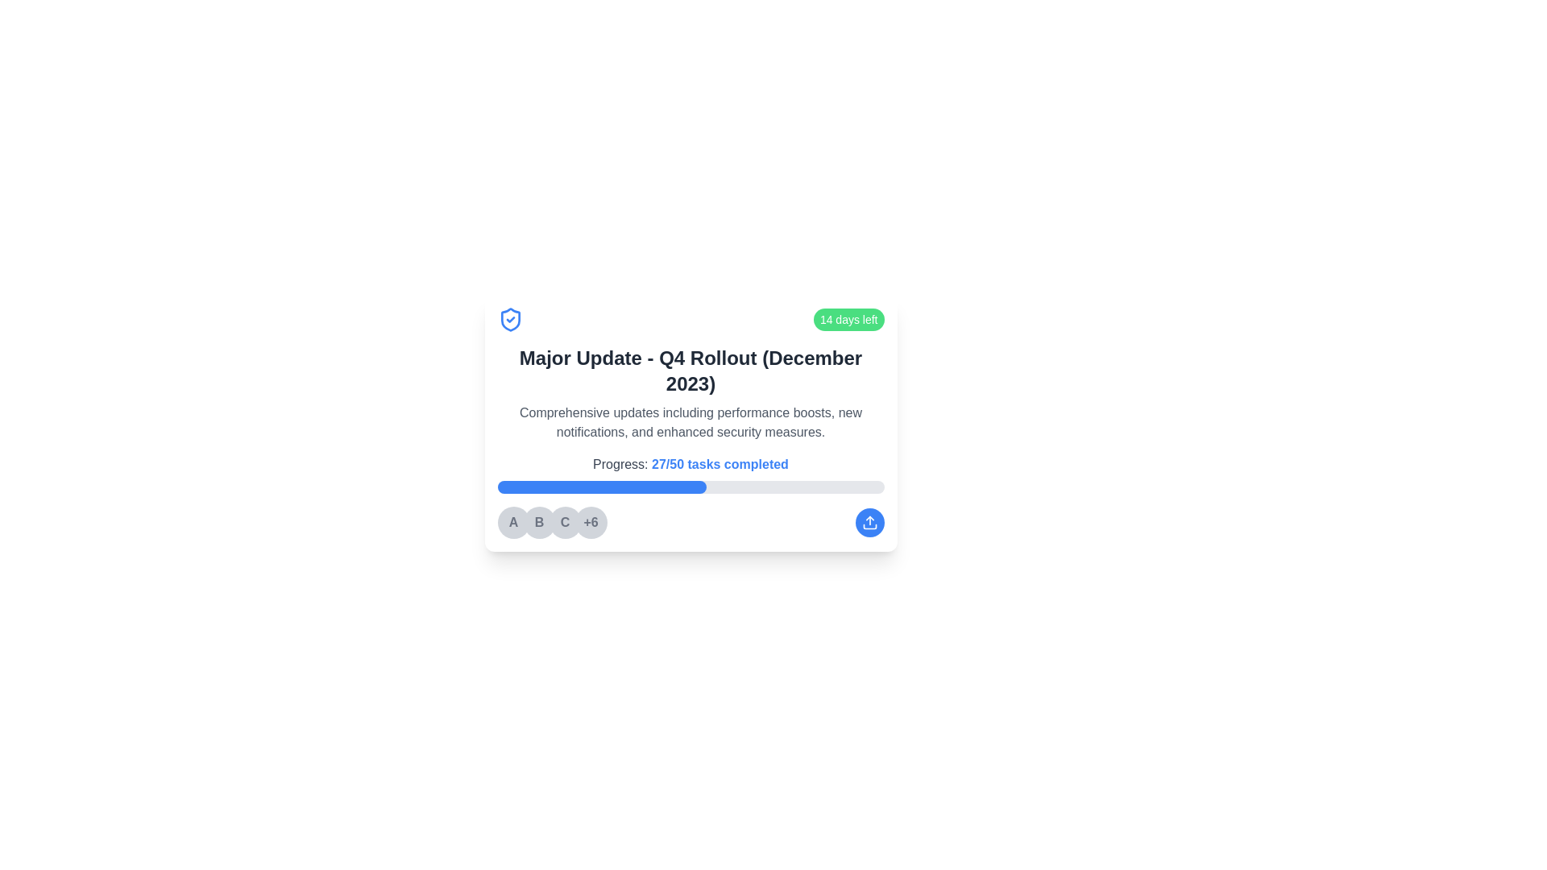 The image size is (1547, 870). I want to click on the progress bar of the Informative Component titled 'Major Update - Q4 Rollout (December 2023)' to navigate through its functionalities, so click(691, 421).